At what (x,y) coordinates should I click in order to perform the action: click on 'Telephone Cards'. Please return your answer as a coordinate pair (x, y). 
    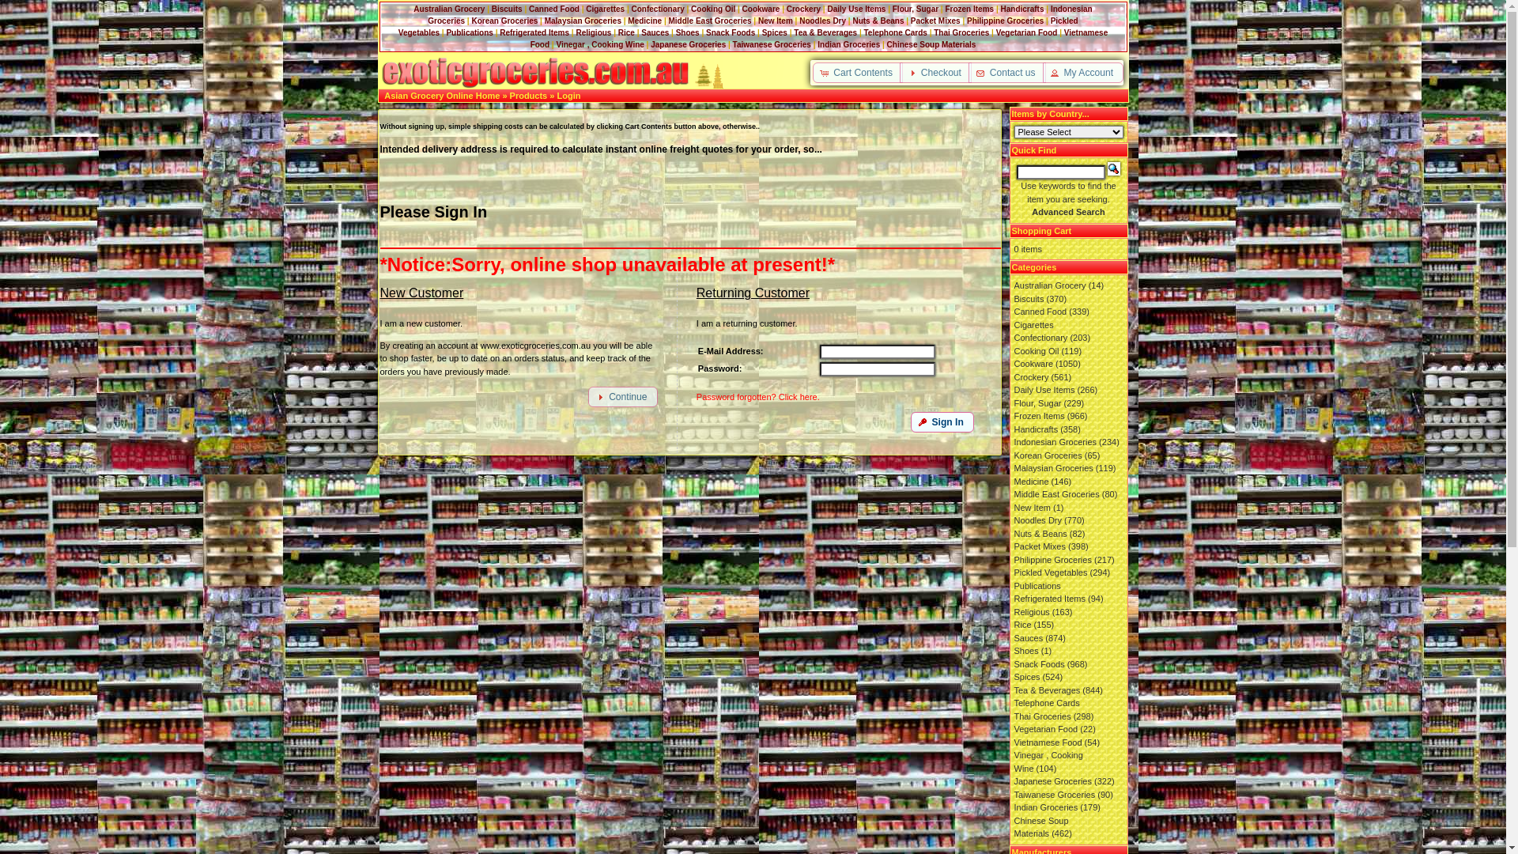
    Looking at the image, I should click on (895, 32).